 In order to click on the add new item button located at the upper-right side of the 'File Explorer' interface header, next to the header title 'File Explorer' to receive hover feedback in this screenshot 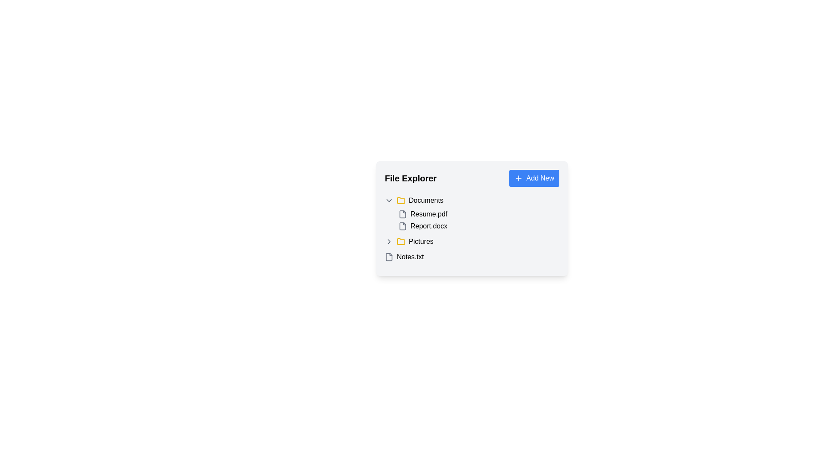, I will do `click(534, 178)`.